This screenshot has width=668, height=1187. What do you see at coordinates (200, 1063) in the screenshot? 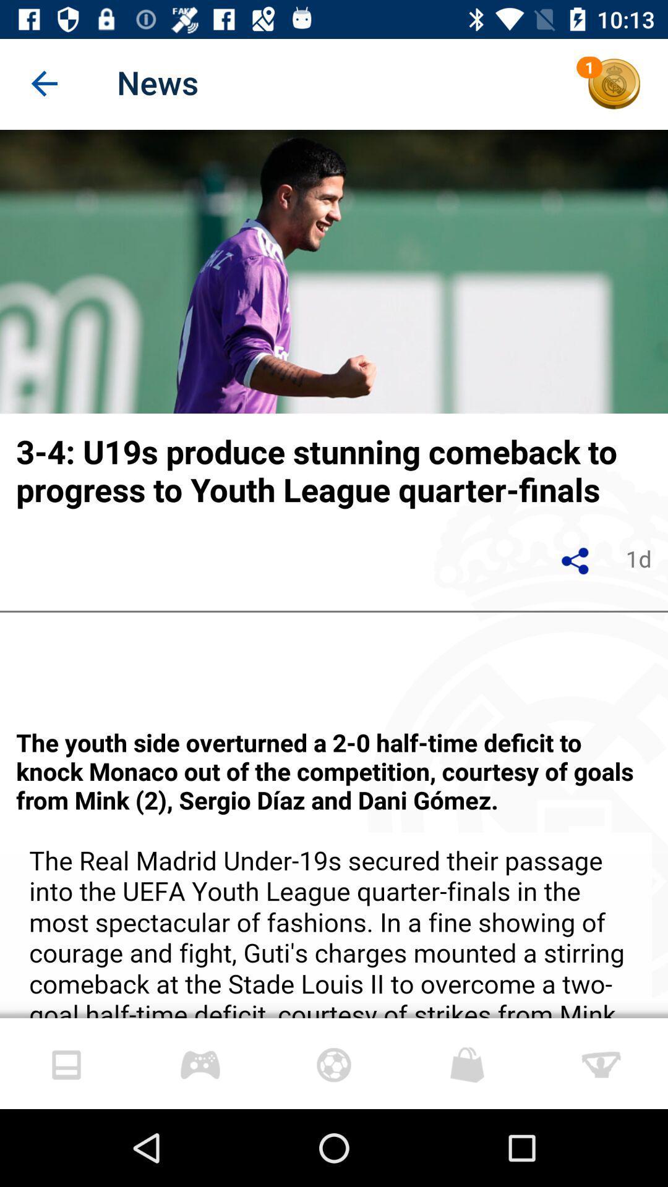
I see `the bookmark icon` at bounding box center [200, 1063].